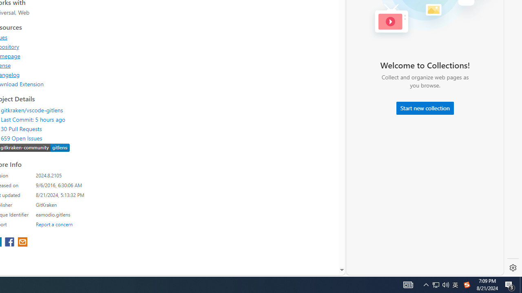  I want to click on 'share extension on facebook', so click(11, 242).